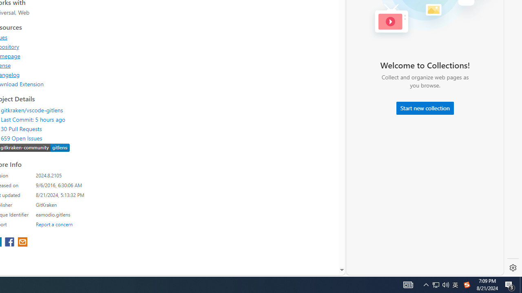  I want to click on 'share extension on facebook', so click(11, 242).